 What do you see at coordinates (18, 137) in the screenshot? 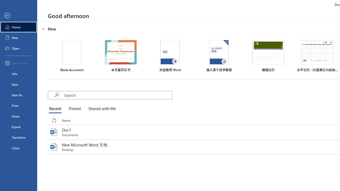
I see `'Transform'` at bounding box center [18, 137].